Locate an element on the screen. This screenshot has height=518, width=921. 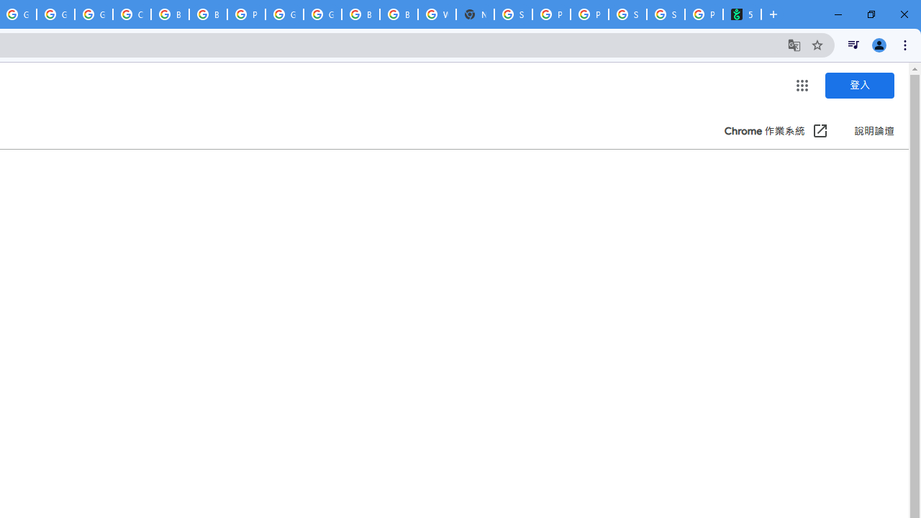
'Google Cloud Platform' is located at coordinates (322, 14).